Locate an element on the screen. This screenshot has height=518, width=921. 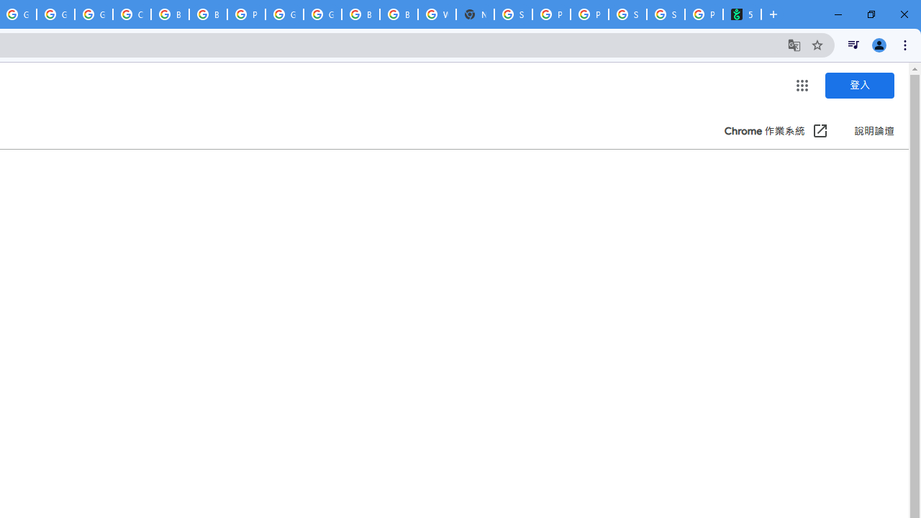
'Google Cloud Platform' is located at coordinates (322, 14).